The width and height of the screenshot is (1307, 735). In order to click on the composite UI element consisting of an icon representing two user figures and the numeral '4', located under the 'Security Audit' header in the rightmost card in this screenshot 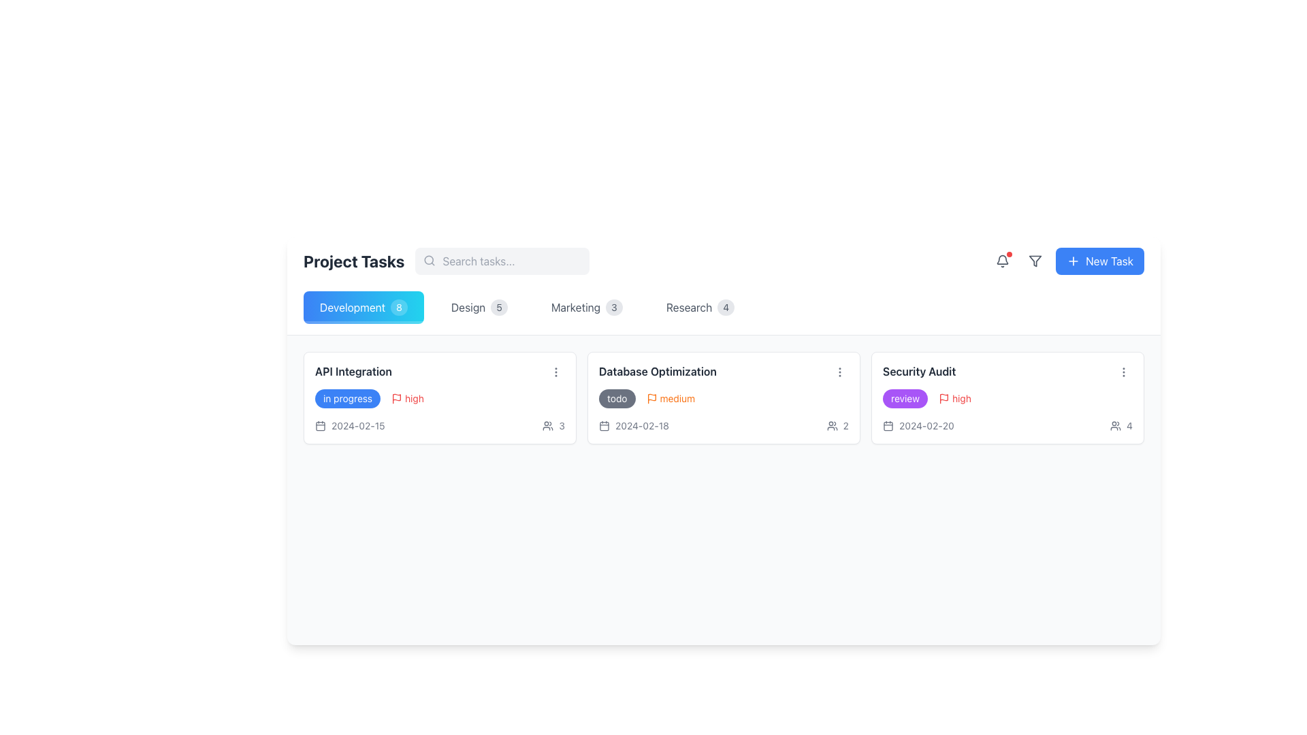, I will do `click(1121, 425)`.